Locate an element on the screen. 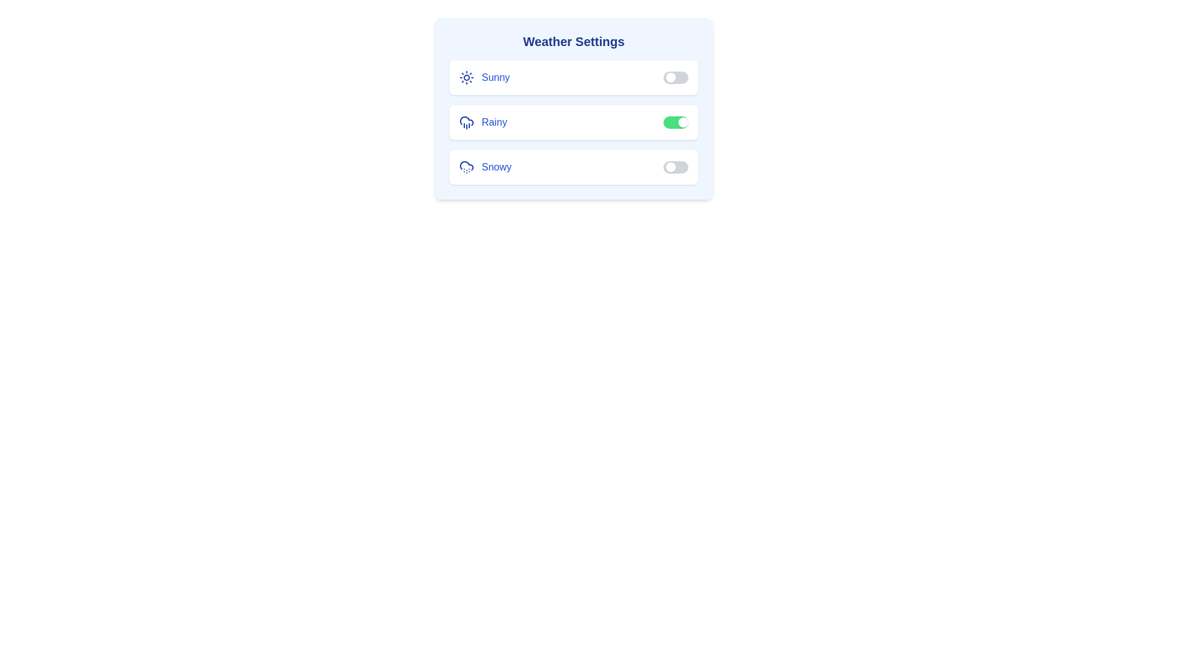 The height and width of the screenshot is (672, 1195). the toggle switch for the 'Rainy' setting is located at coordinates (675, 122).